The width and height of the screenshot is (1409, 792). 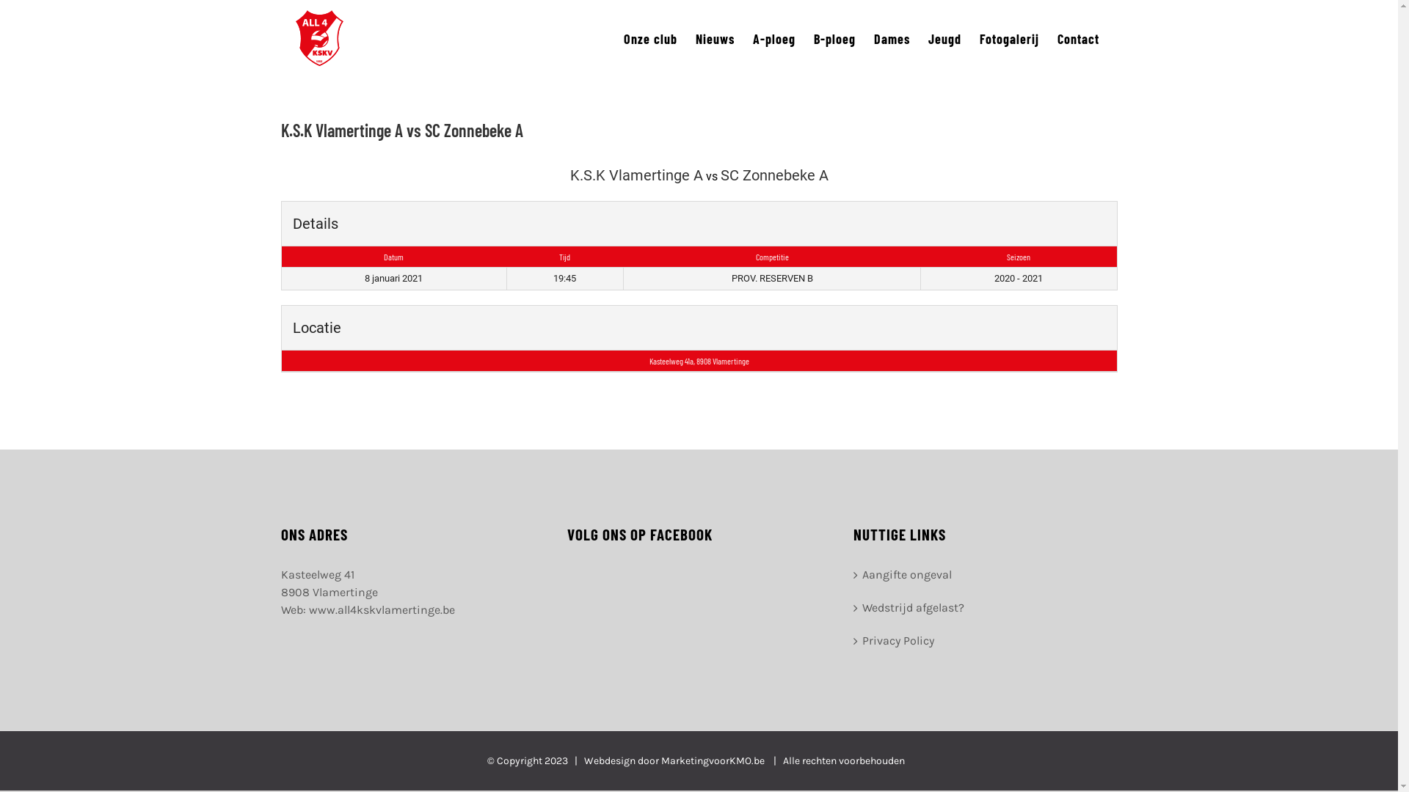 What do you see at coordinates (773, 37) in the screenshot?
I see `'A-ploeg'` at bounding box center [773, 37].